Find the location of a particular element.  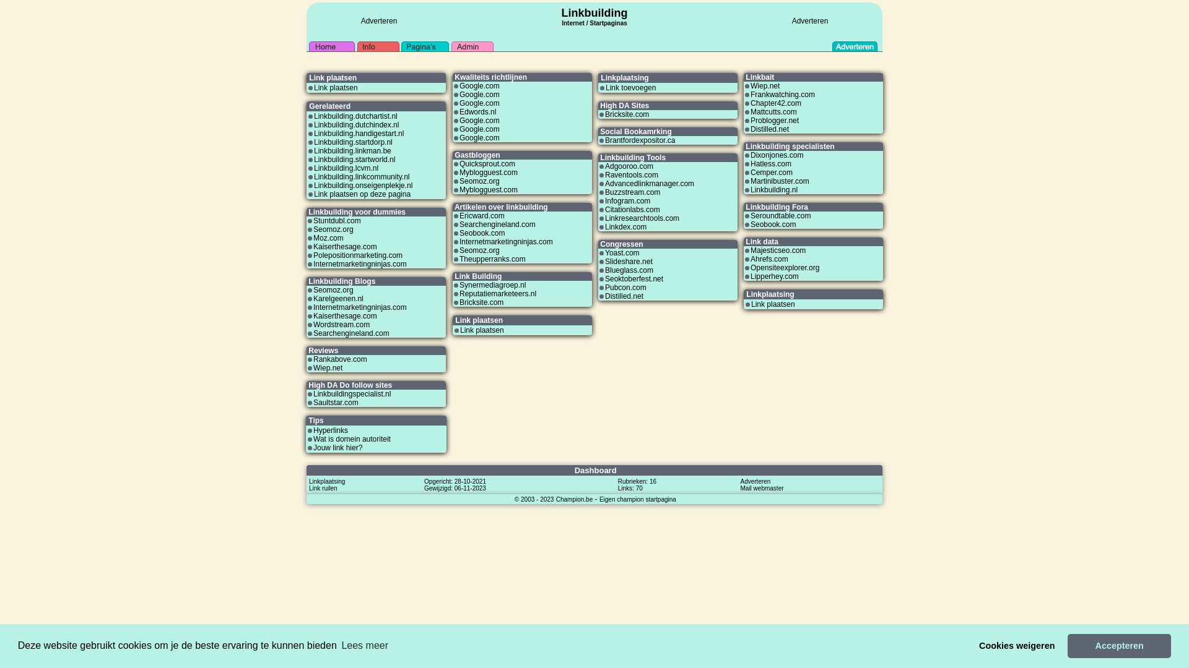

'Google.com' is located at coordinates (479, 102).